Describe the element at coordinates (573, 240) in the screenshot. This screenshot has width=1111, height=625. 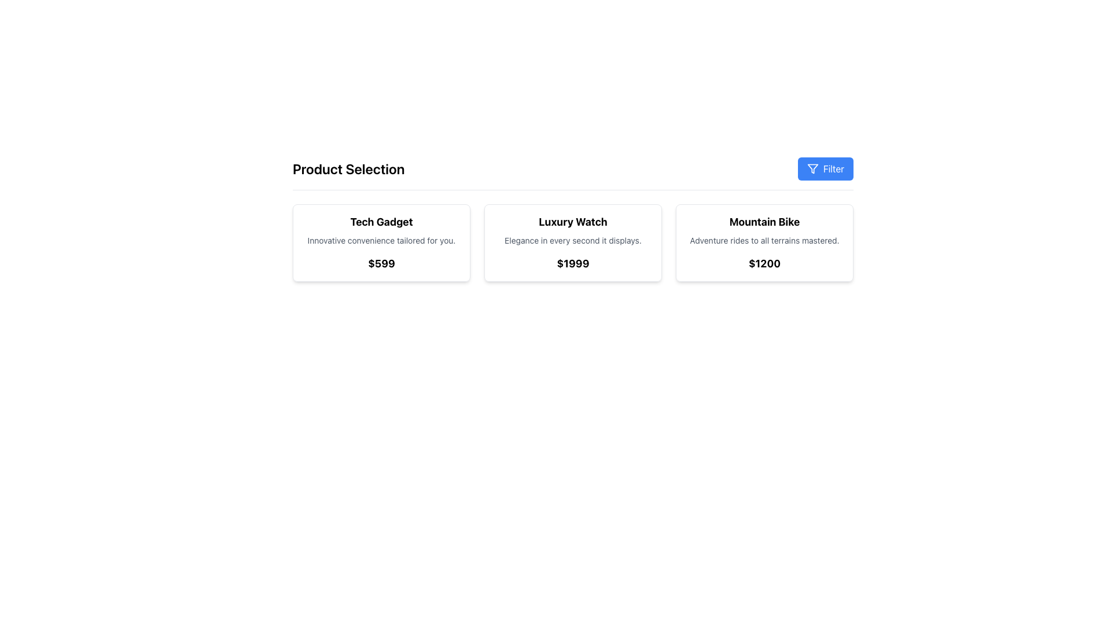
I see `the text label displaying 'Elegance in every second it displays.' located within the middle product card, positioned below the title 'Luxury Watch' and above the price '$1999'` at that location.